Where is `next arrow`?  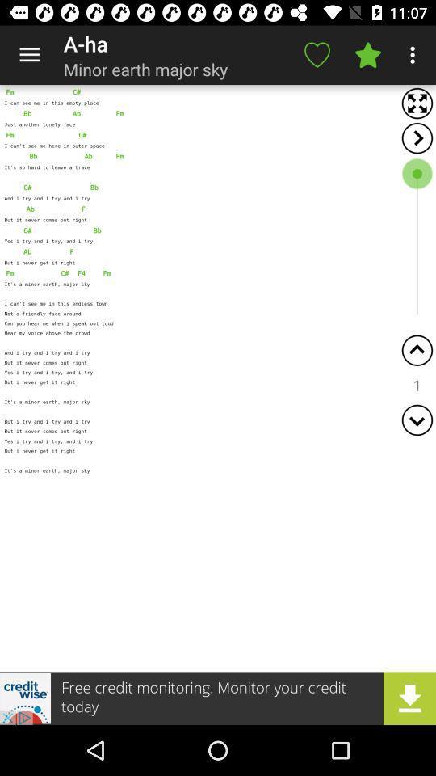
next arrow is located at coordinates (417, 137).